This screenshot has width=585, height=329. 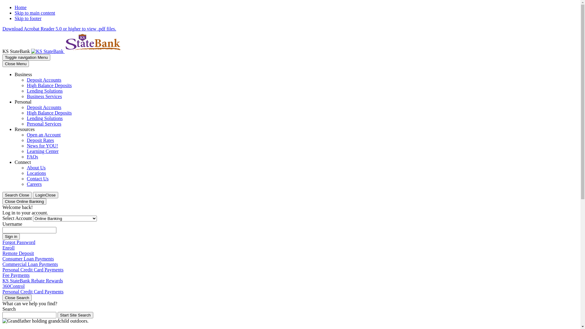 I want to click on 'FAQs', so click(x=32, y=156).